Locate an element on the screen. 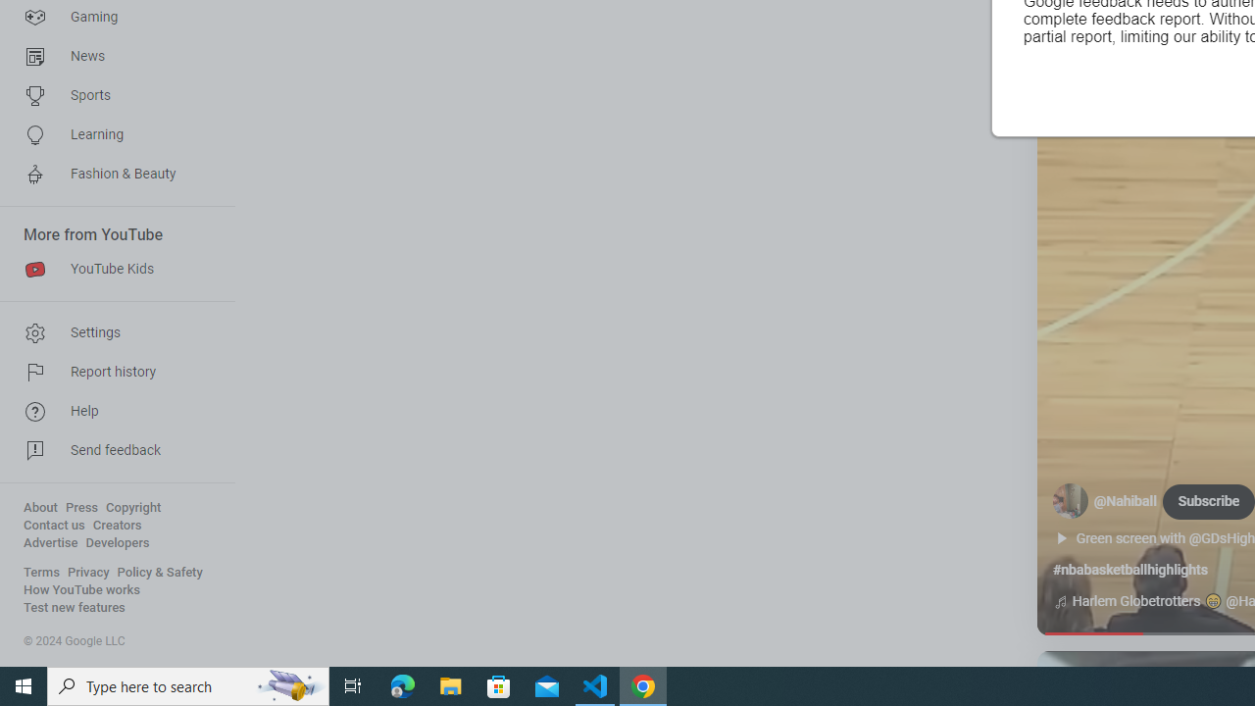 This screenshot has height=706, width=1255. 'Contact us' is located at coordinates (54, 525).